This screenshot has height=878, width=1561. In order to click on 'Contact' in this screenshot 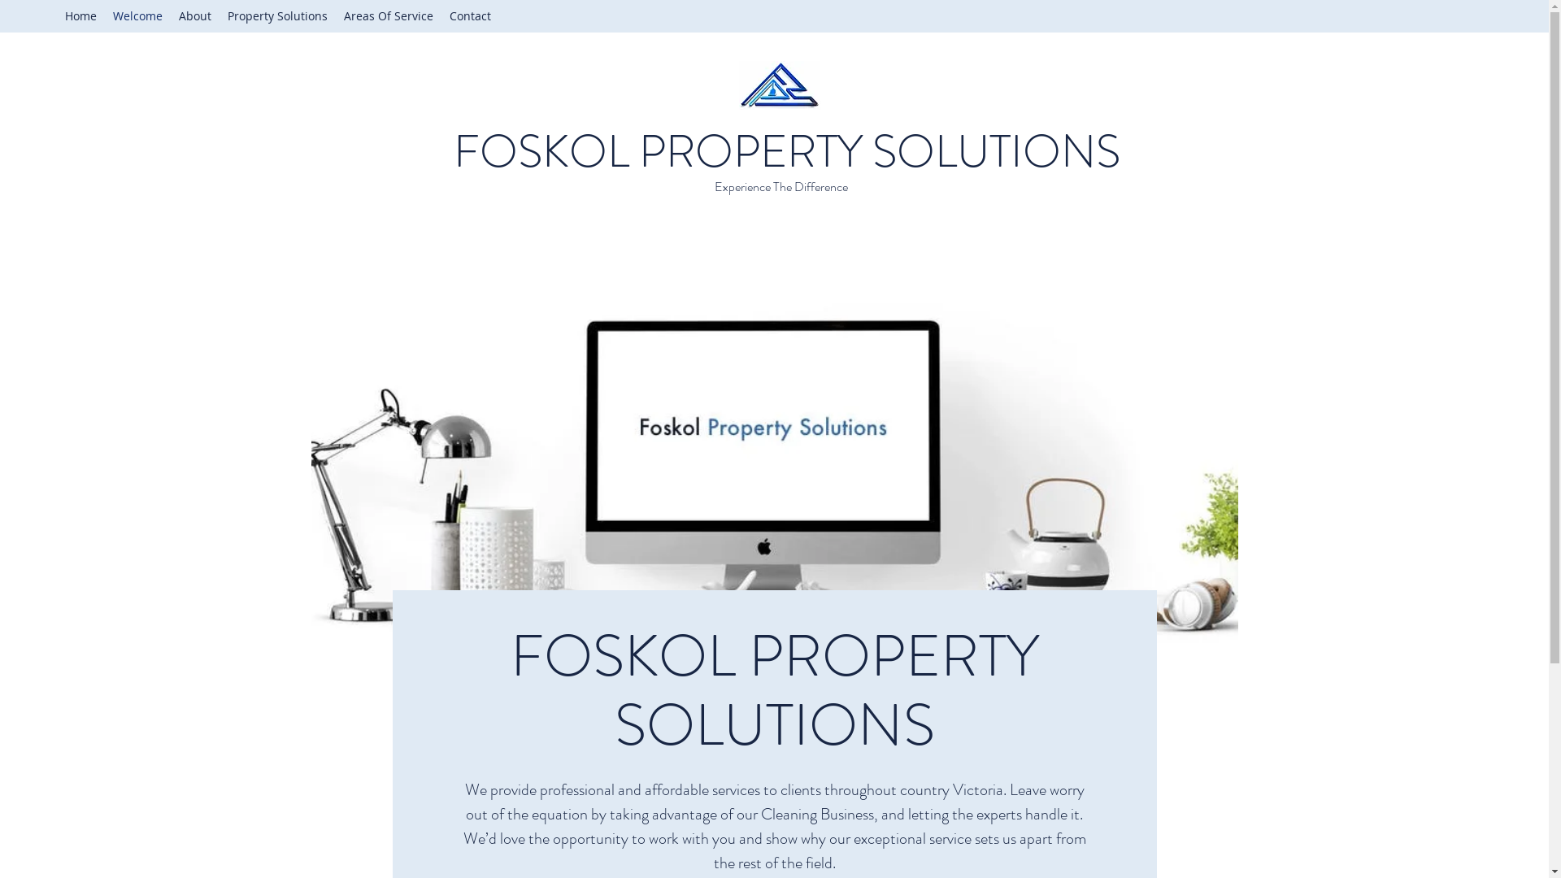, I will do `click(469, 15)`.